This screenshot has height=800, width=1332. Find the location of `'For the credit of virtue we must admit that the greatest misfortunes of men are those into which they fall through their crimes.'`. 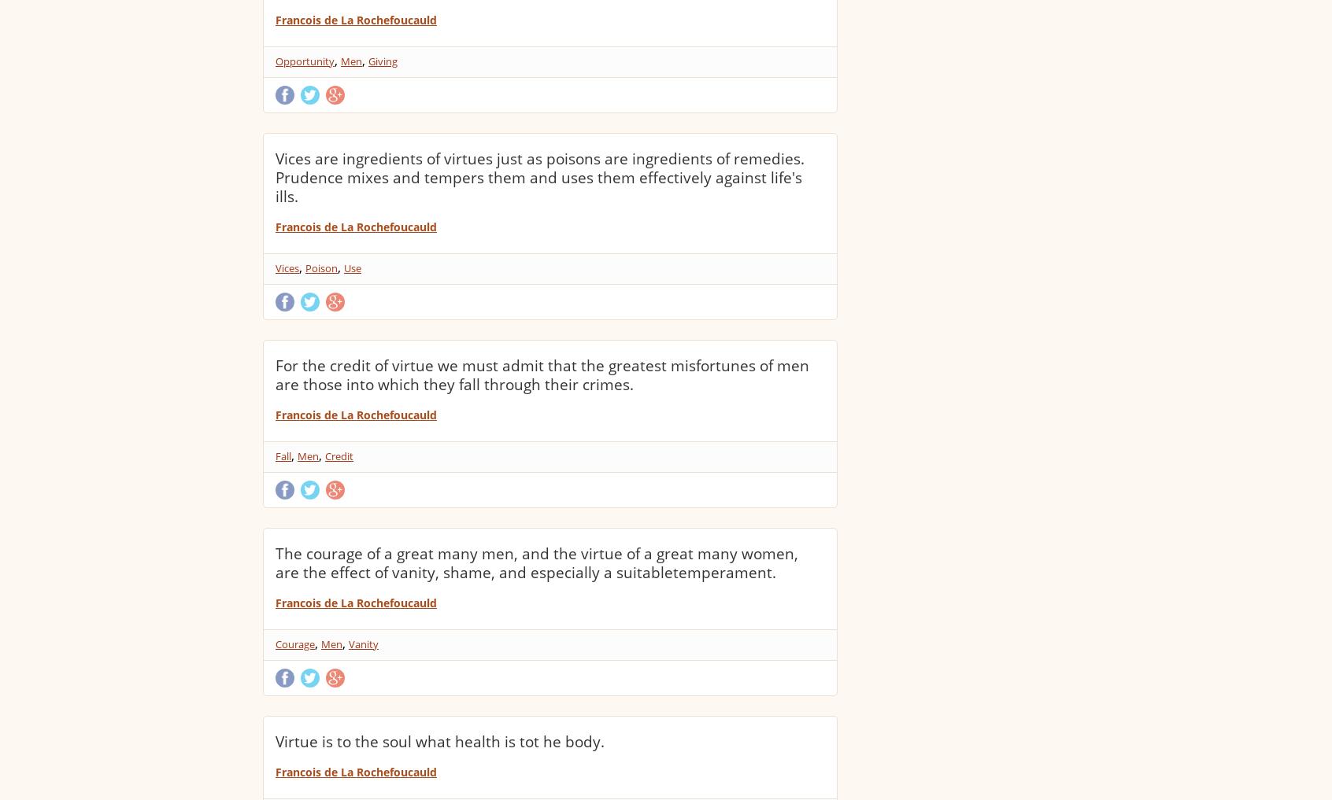

'For the credit of virtue we must admit that the greatest misfortunes of men are those into which they fall through their crimes.' is located at coordinates (542, 374).